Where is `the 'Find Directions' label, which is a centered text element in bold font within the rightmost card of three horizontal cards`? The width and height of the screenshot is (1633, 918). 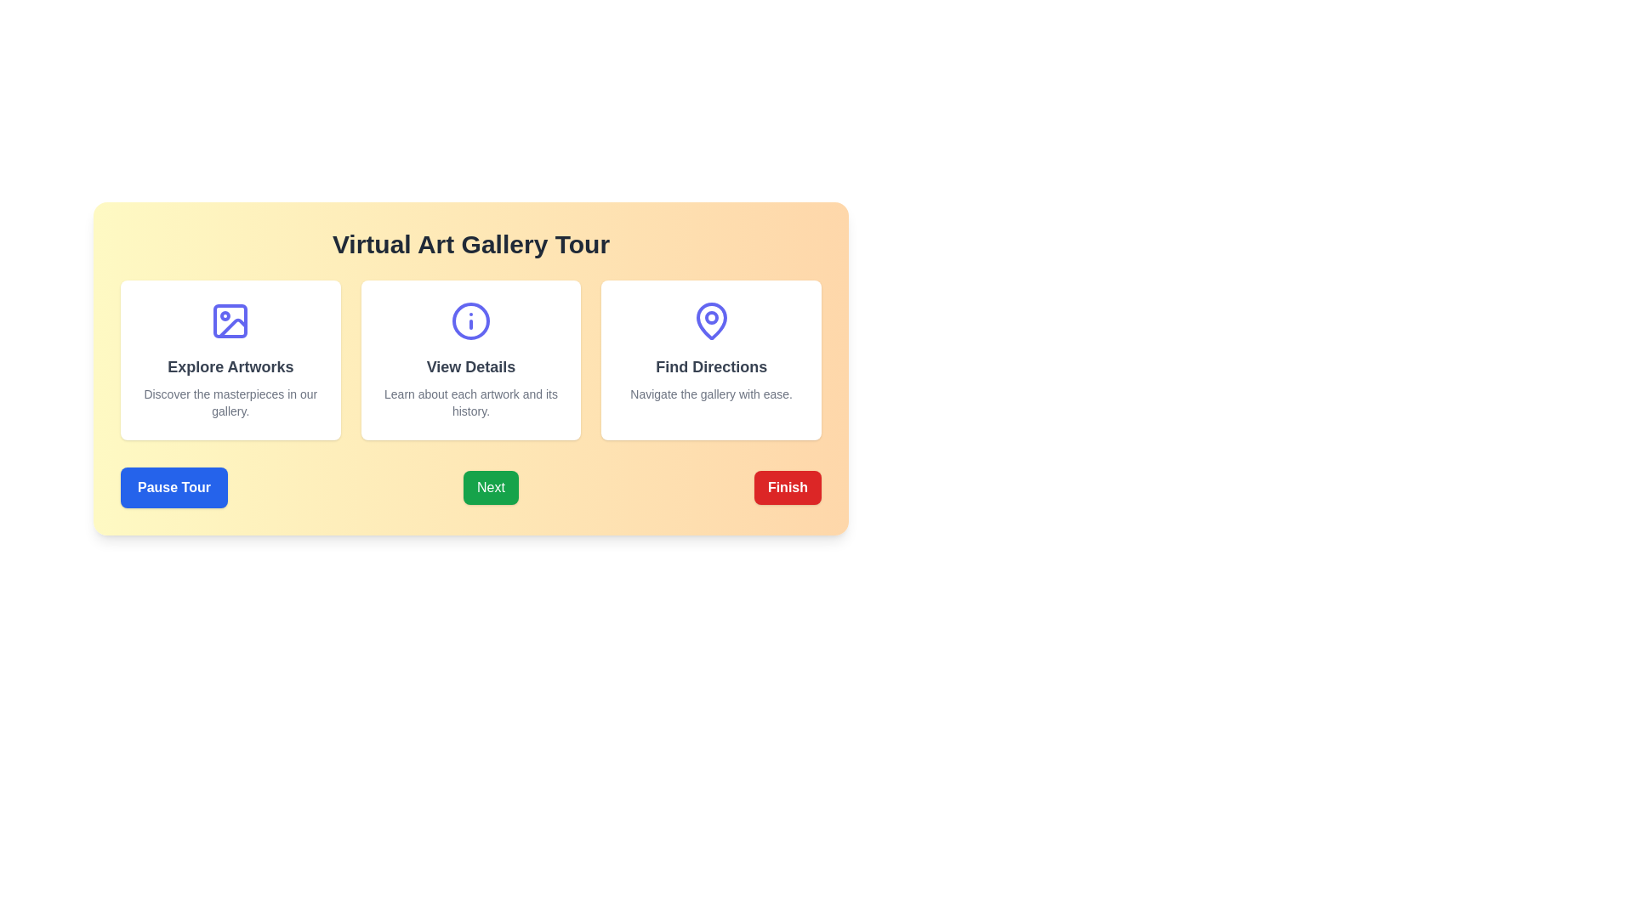
the 'Find Directions' label, which is a centered text element in bold font within the rightmost card of three horizontal cards is located at coordinates (711, 366).